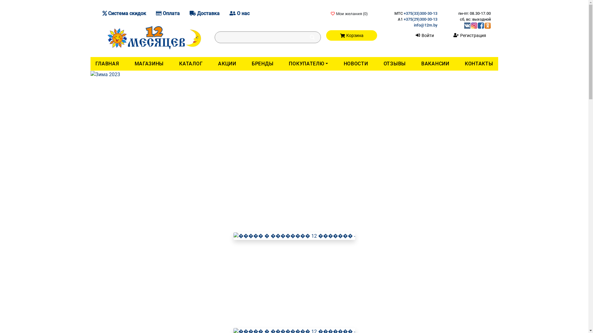 This screenshot has width=593, height=333. I want to click on '+375(33)300-30-13', so click(420, 13).